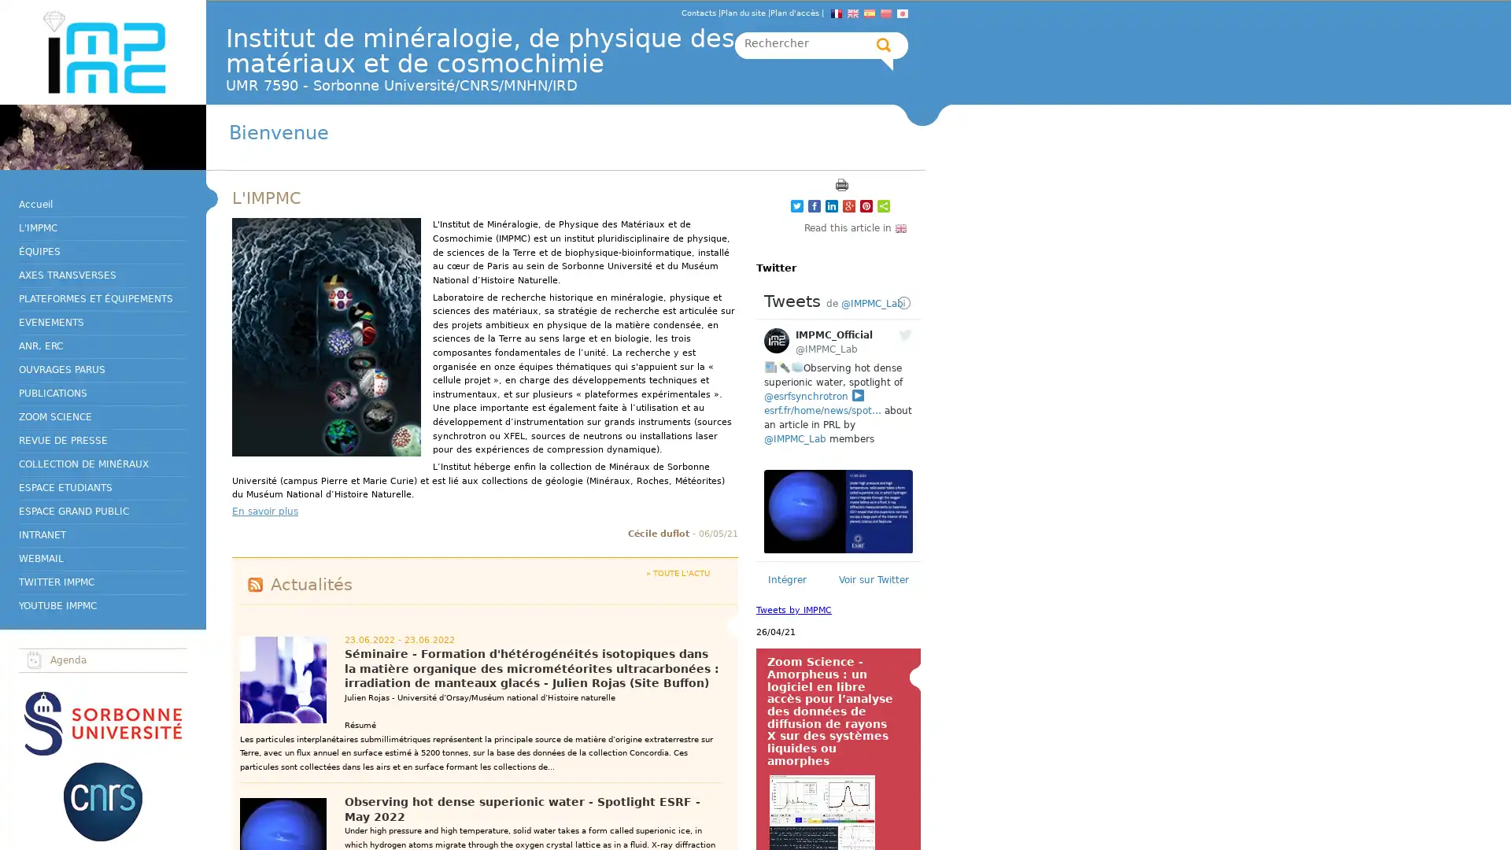 The height and width of the screenshot is (850, 1511). What do you see at coordinates (884, 44) in the screenshot?
I see `Lancer la recherche` at bounding box center [884, 44].